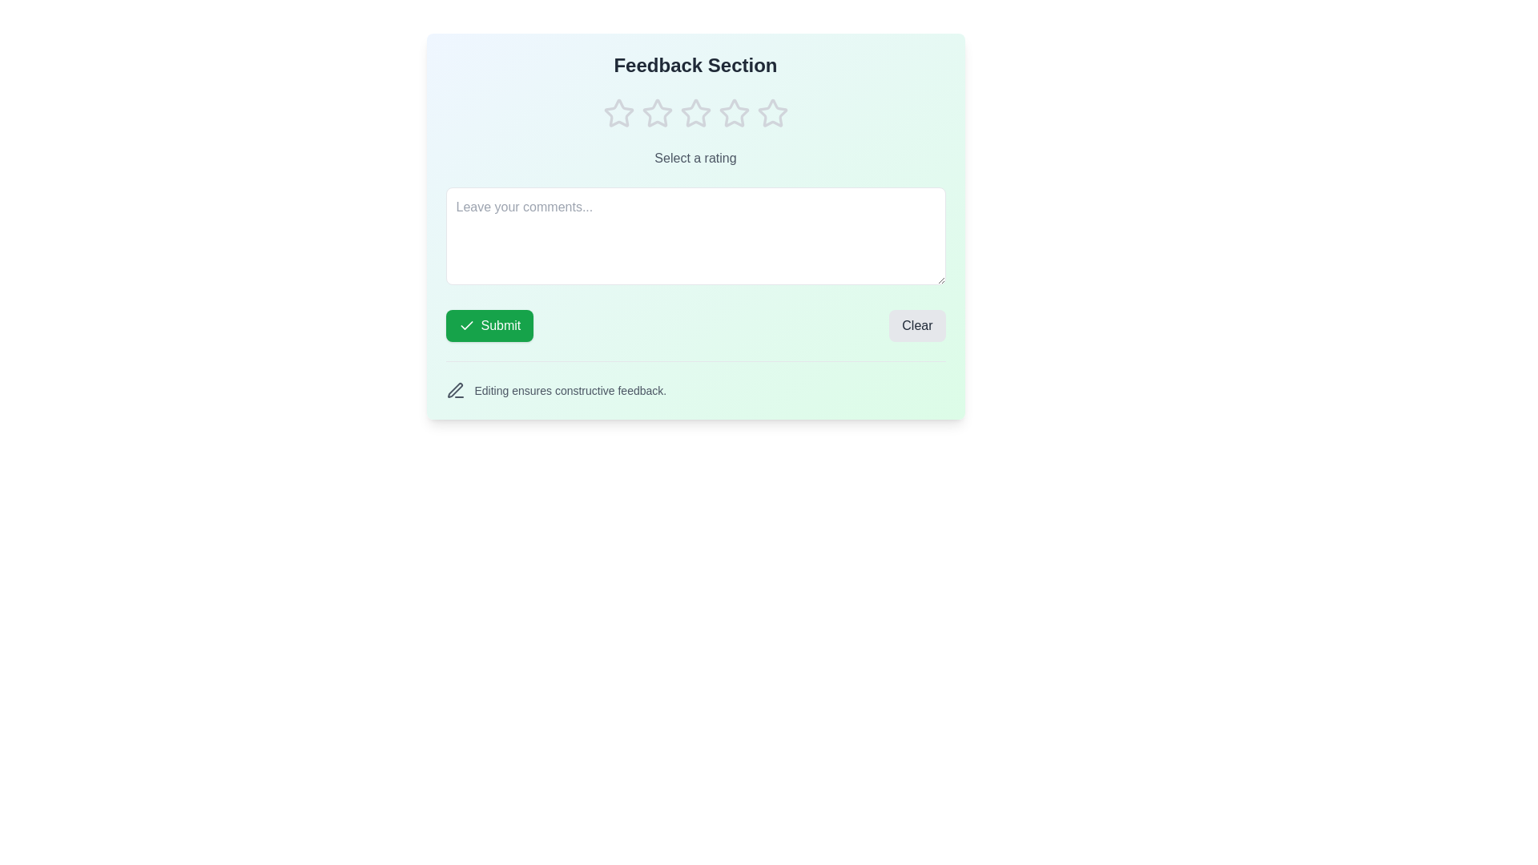  Describe the element at coordinates (465, 324) in the screenshot. I see `the 'Submit' button, which visually represents a successful action, located at the bottom left of the feedback form` at that location.